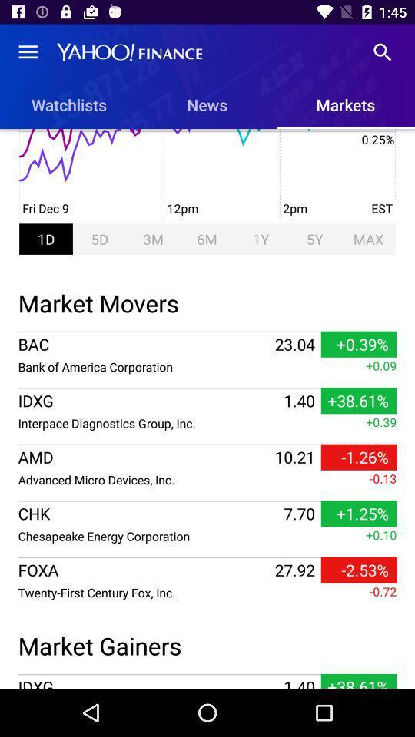  Describe the element at coordinates (28, 52) in the screenshot. I see `item above the watchlists` at that location.